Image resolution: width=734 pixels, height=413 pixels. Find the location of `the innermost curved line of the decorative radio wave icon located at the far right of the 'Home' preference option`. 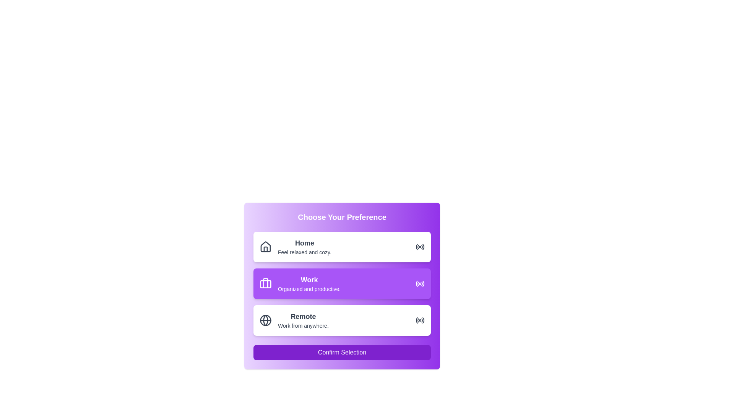

the innermost curved line of the decorative radio wave icon located at the far right of the 'Home' preference option is located at coordinates (416, 247).